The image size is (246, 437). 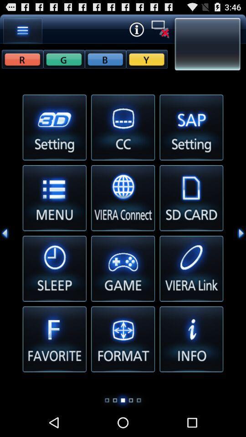 I want to click on the menu icon, so click(x=23, y=32).